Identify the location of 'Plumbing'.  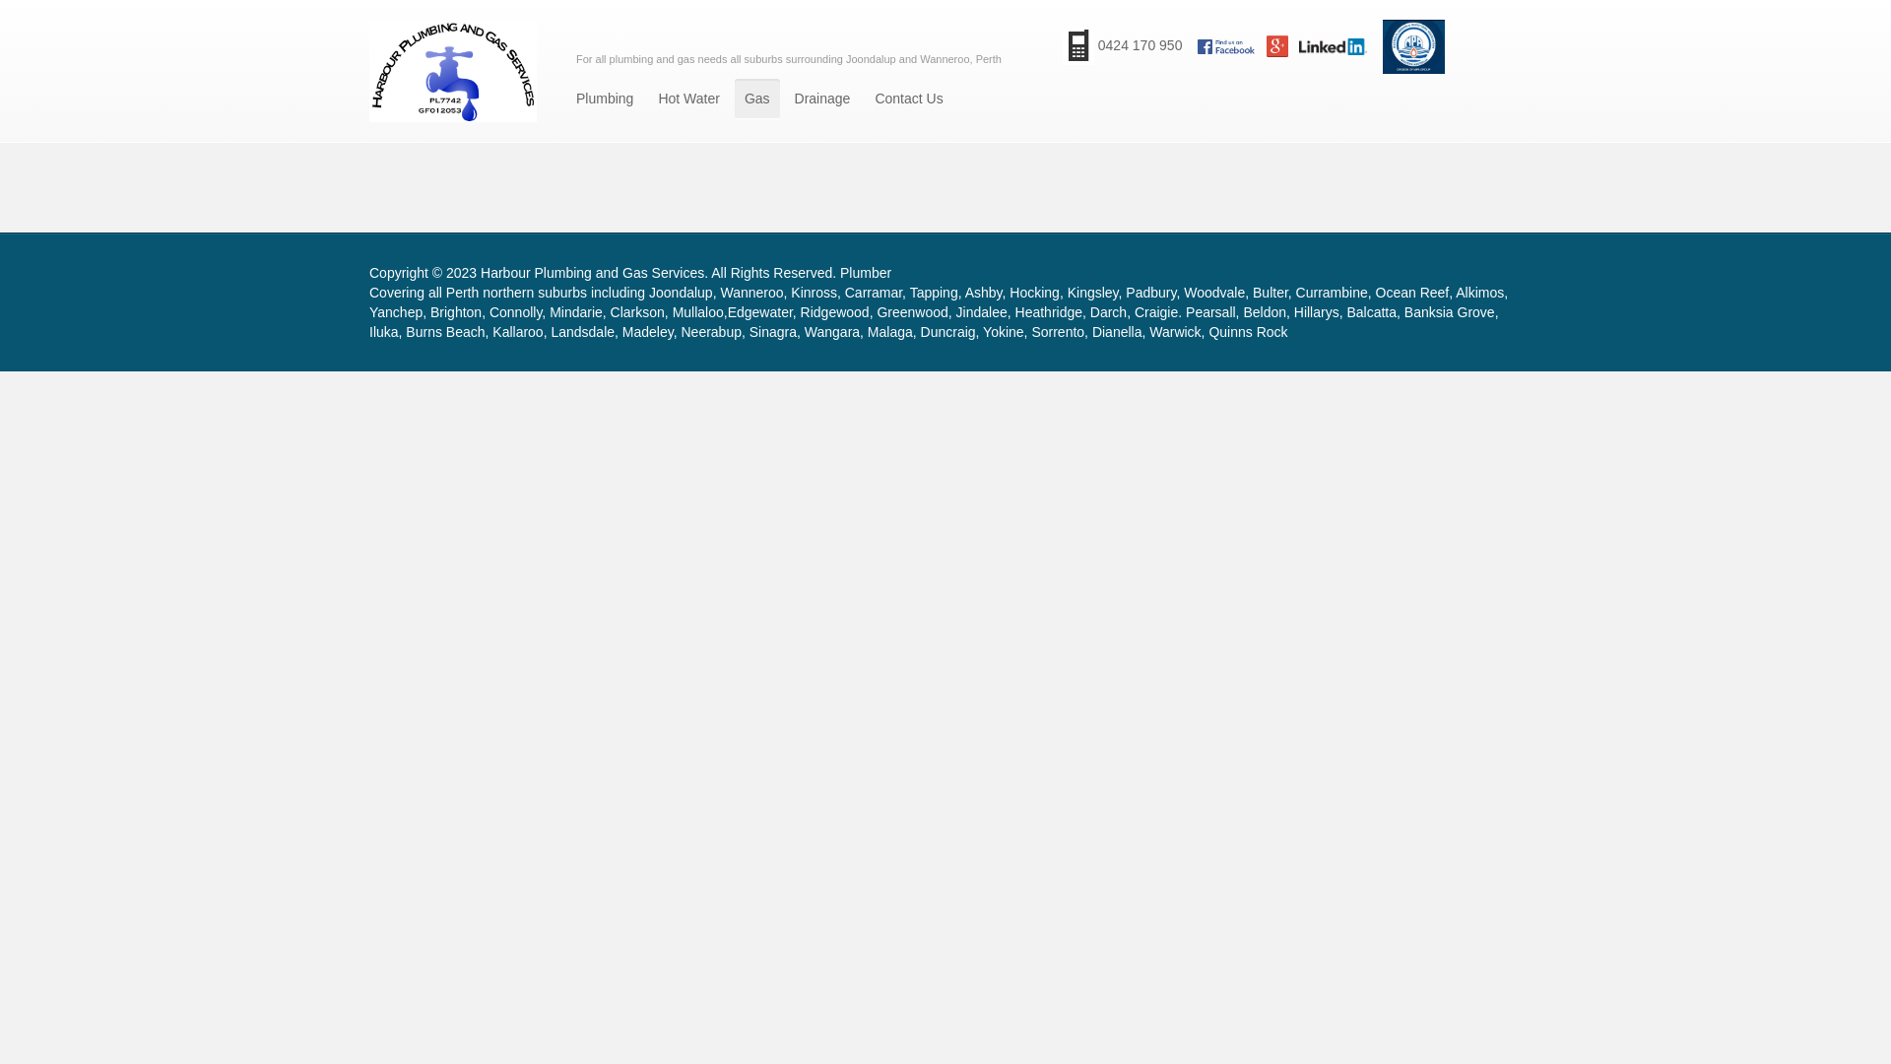
(604, 99).